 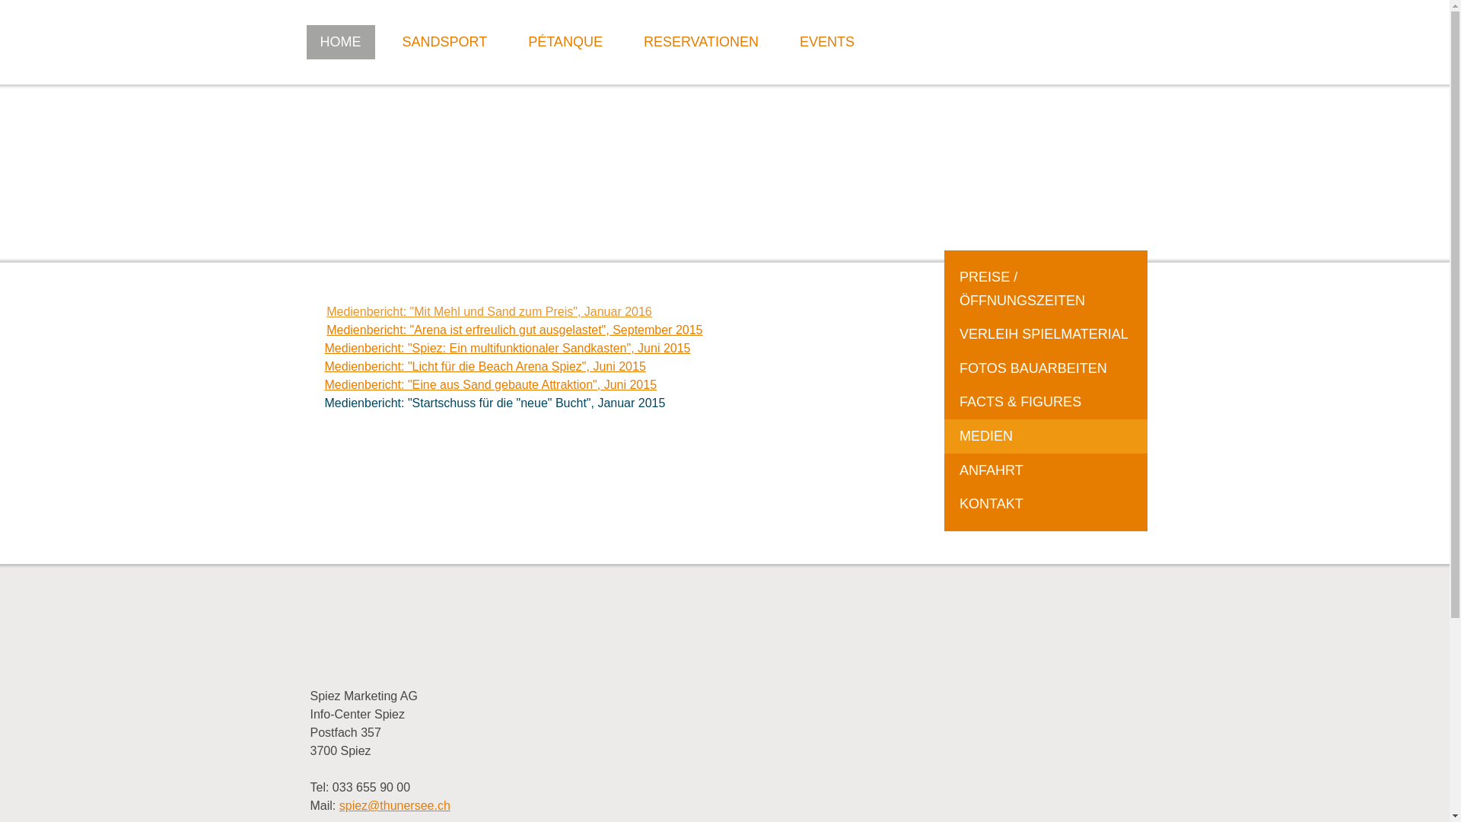 What do you see at coordinates (826, 41) in the screenshot?
I see `'EVENTS'` at bounding box center [826, 41].